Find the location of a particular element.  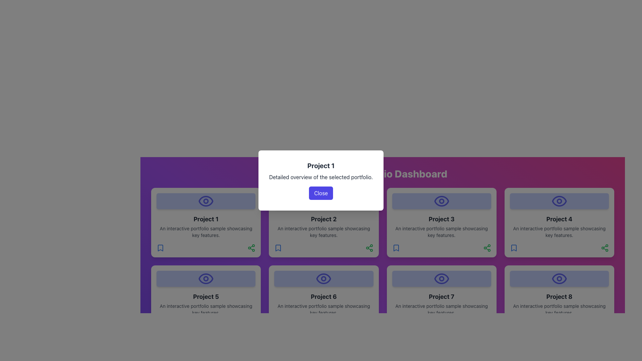

the text label displaying 'Project 3' in bold, large gray font, located in the first row and third column of the card layout is located at coordinates (441, 219).